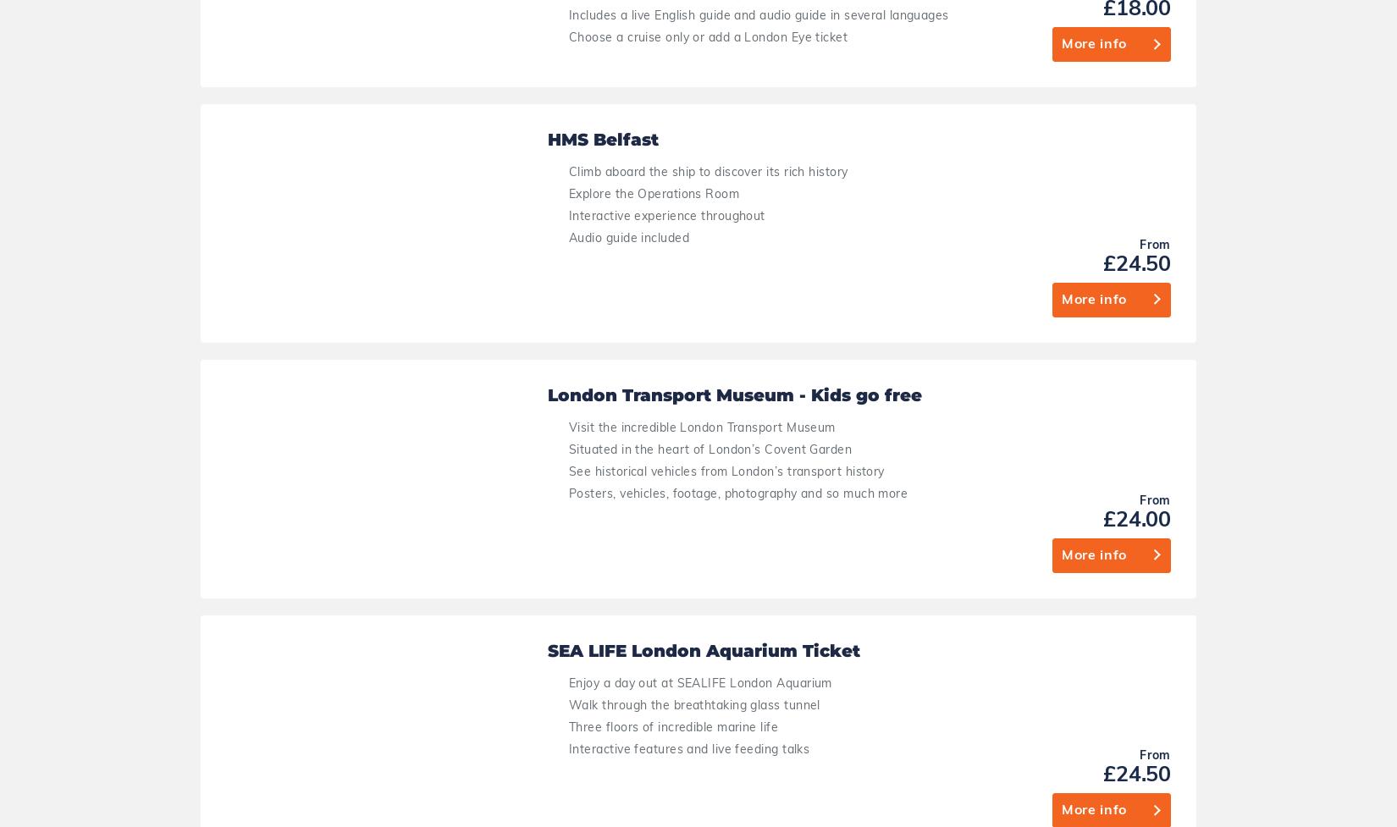 The height and width of the screenshot is (827, 1397). I want to click on 'Total Results :', so click(739, 538).